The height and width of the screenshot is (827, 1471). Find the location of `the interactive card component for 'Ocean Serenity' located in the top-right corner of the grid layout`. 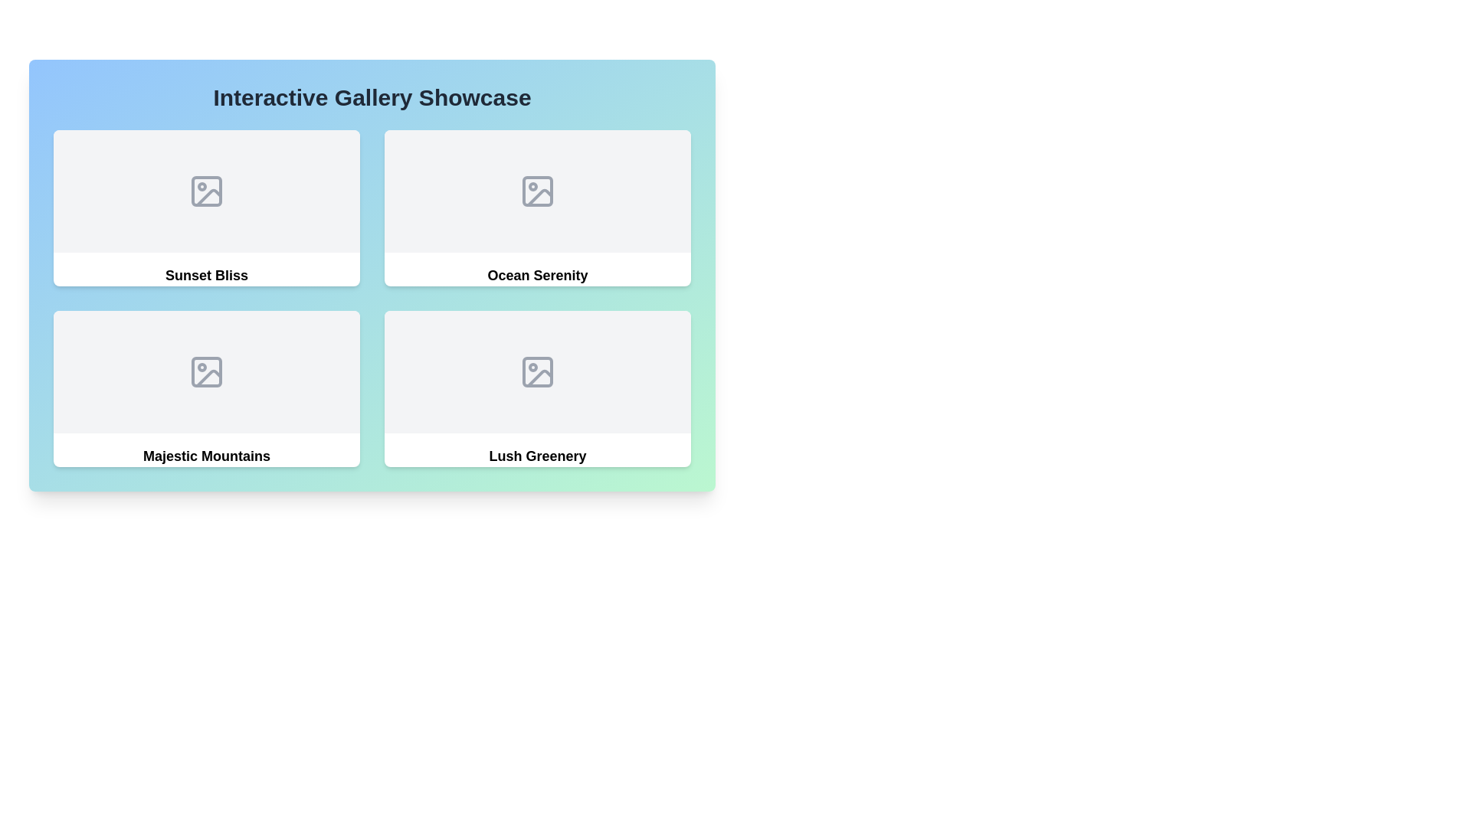

the interactive card component for 'Ocean Serenity' located in the top-right corner of the grid layout is located at coordinates (537, 208).